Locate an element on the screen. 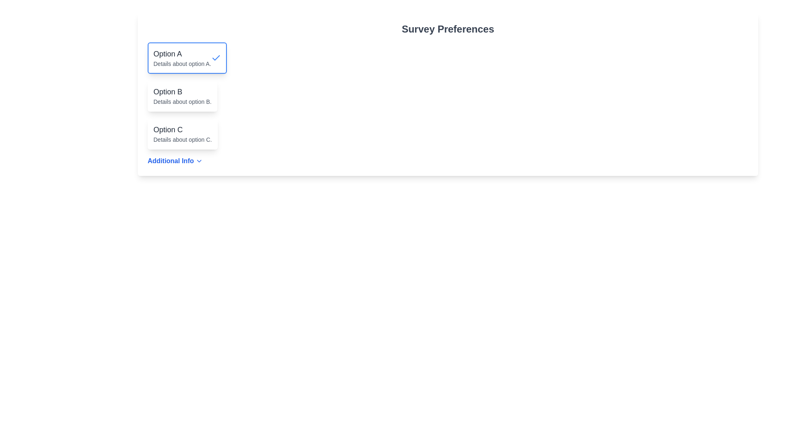  the 'Option C' selectable option, which is styled with round corners and a drop shadow, located under 'Survey Preferences' is located at coordinates (182, 133).